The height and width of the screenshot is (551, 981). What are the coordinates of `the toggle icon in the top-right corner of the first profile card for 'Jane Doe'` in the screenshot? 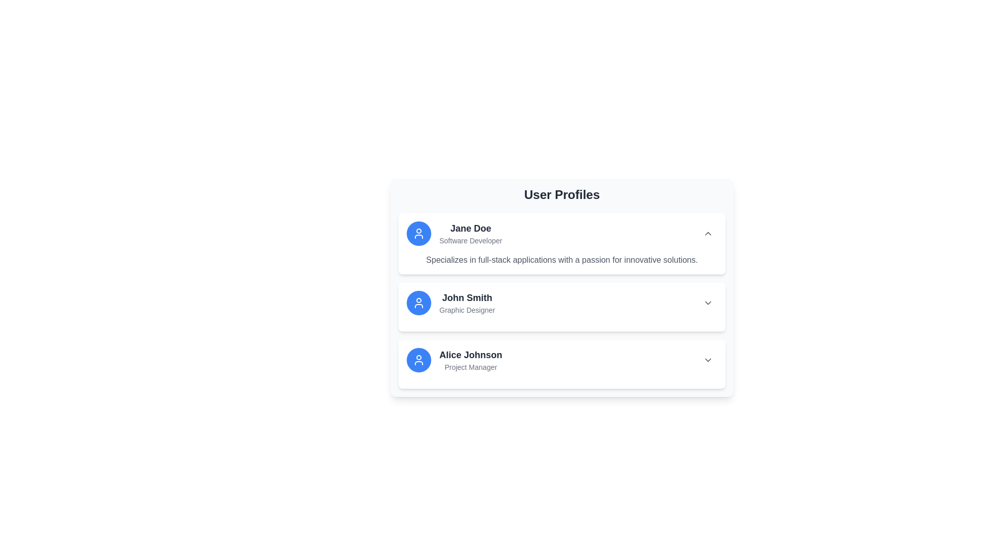 It's located at (708, 234).